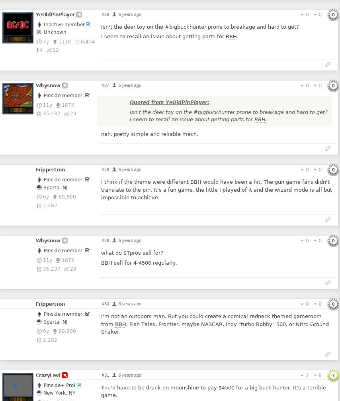 This screenshot has width=340, height=401. I want to click on 'You'd have to be drunk on moonshine to pay $4500 for a big buck hunter. It's a terrible game.', so click(213, 391).